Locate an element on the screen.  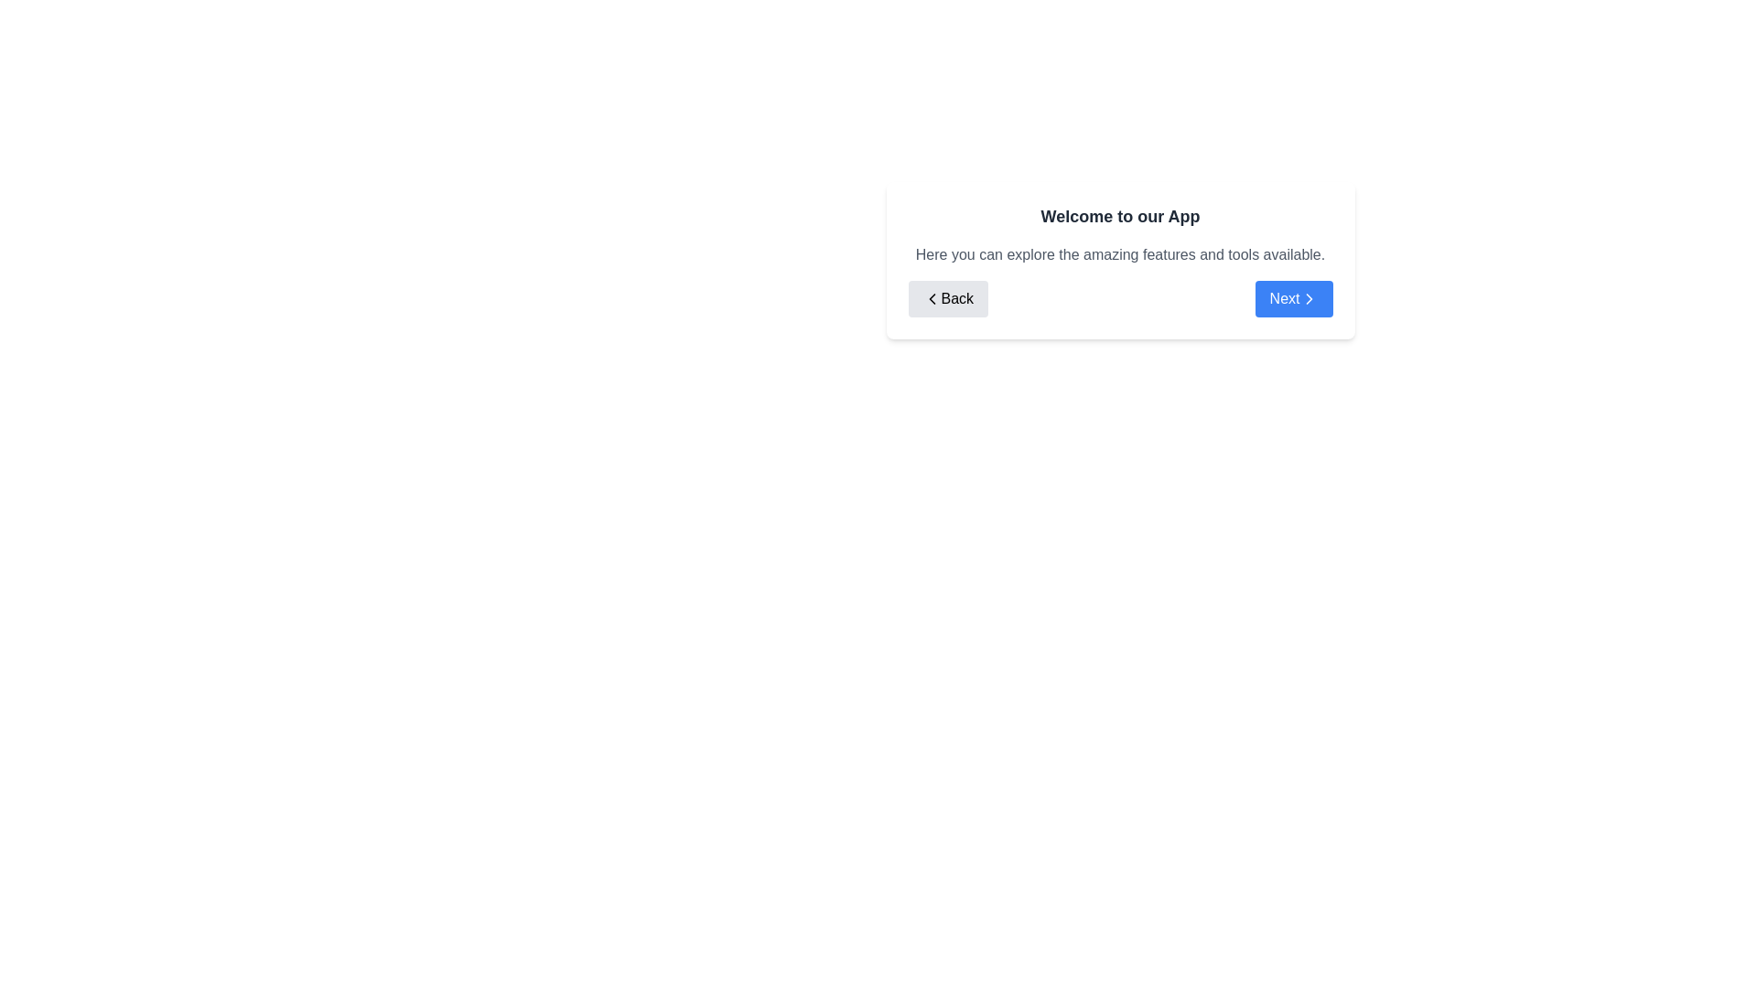
the rightward-pointing chevron icon within the 'Next' button, which has a blue background and white text, located at the bottom-right corner of the dialog box is located at coordinates (1308, 298).